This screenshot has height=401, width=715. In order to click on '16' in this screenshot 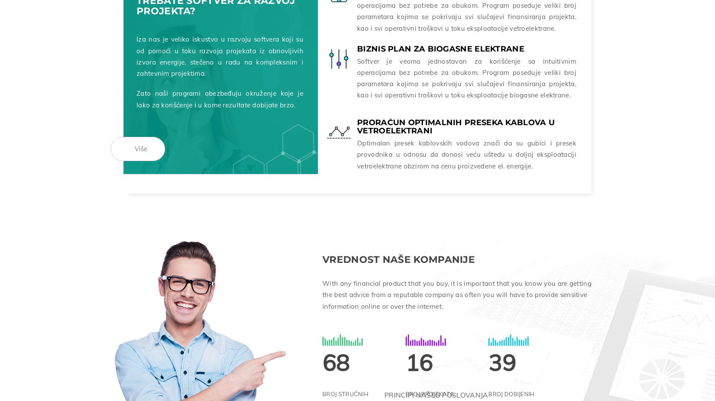, I will do `click(405, 360)`.